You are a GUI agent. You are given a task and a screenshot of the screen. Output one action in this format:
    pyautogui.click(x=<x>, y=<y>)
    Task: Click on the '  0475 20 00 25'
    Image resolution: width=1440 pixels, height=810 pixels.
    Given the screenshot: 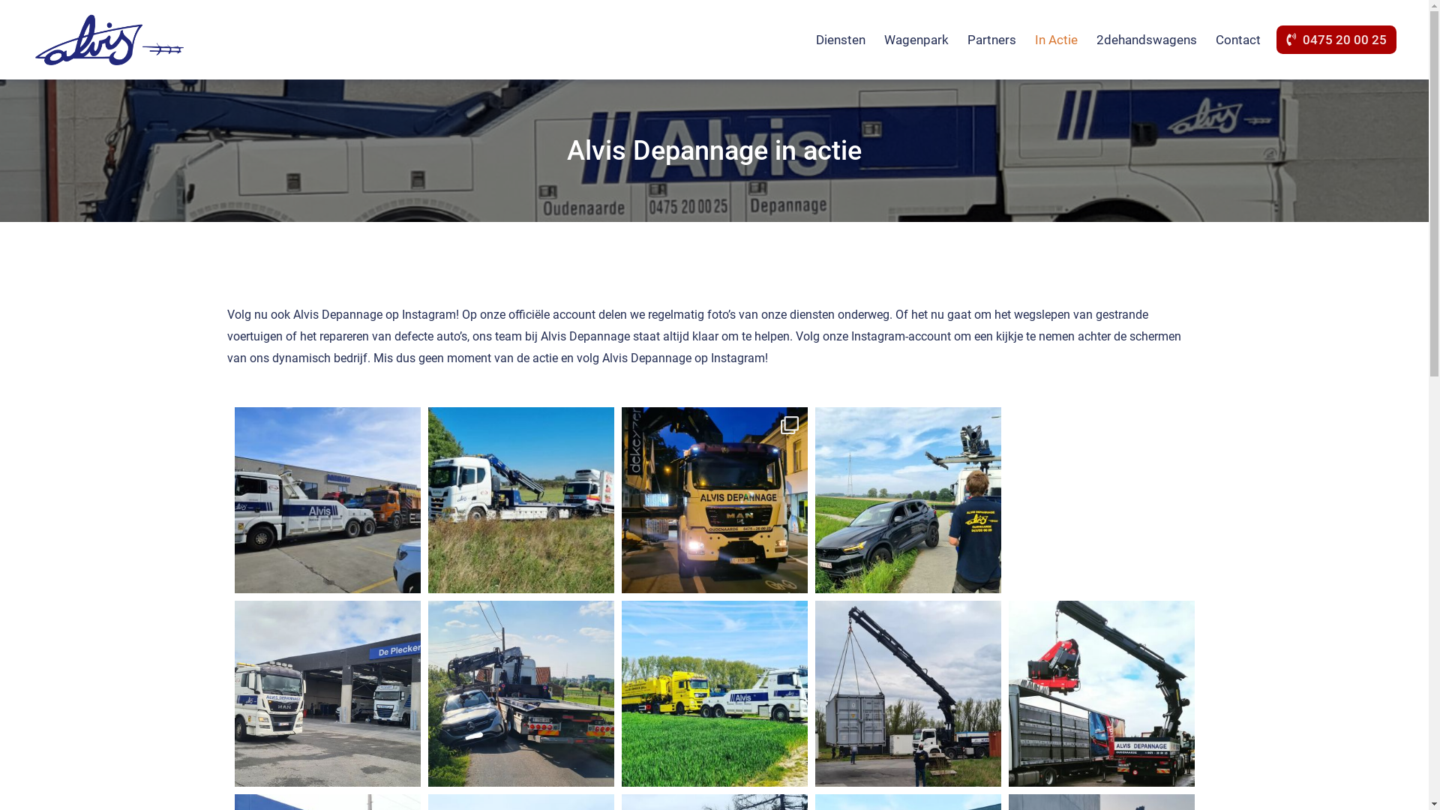 What is the action you would take?
    pyautogui.click(x=1336, y=39)
    